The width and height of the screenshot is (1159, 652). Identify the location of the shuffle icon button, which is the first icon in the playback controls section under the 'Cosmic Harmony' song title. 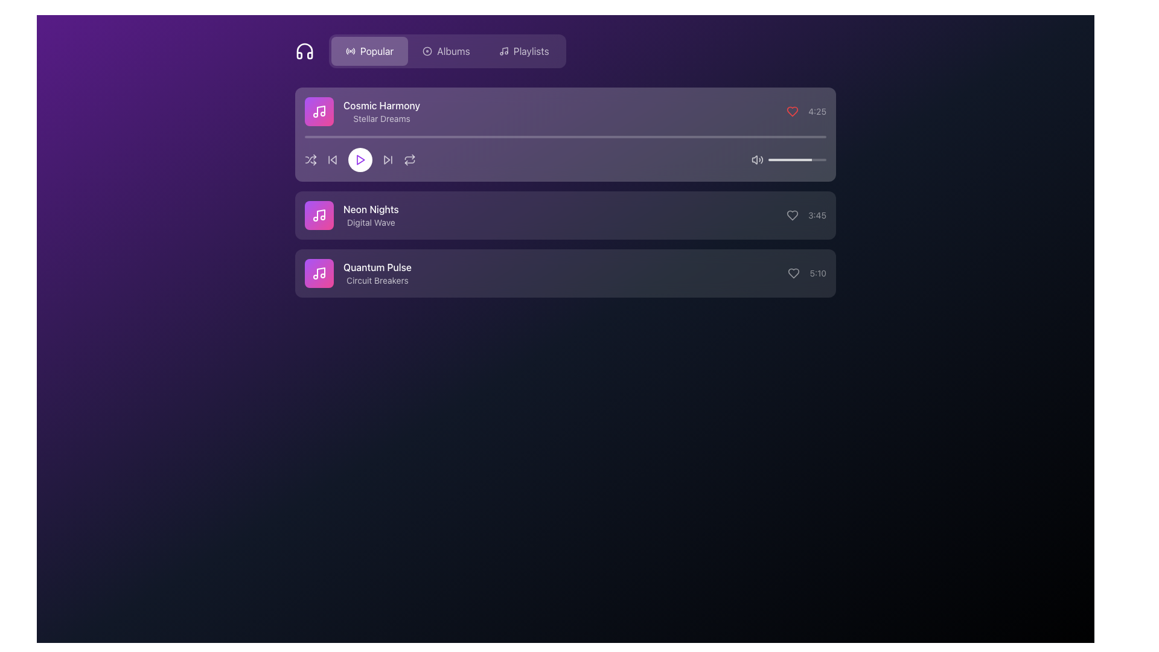
(310, 159).